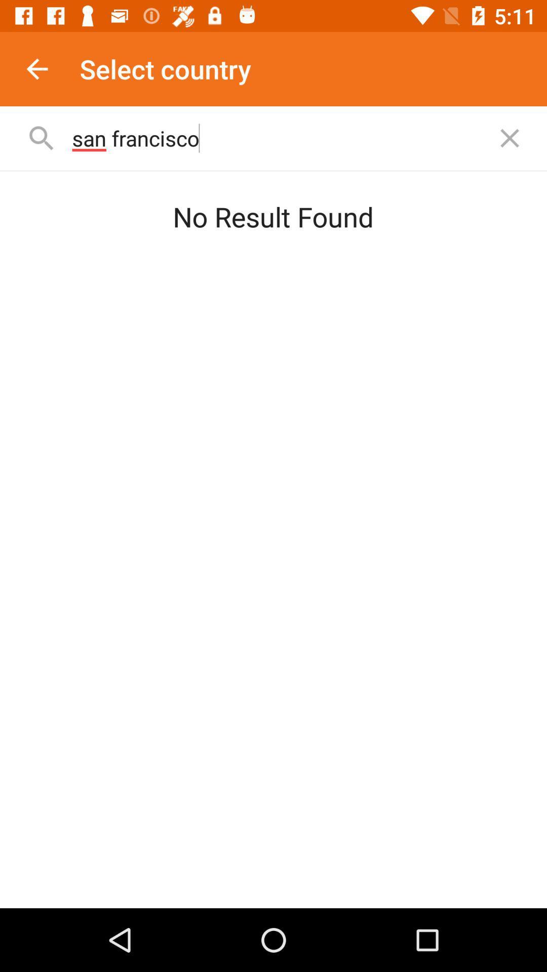 The height and width of the screenshot is (972, 547). What do you see at coordinates (36, 68) in the screenshot?
I see `app next to select country item` at bounding box center [36, 68].